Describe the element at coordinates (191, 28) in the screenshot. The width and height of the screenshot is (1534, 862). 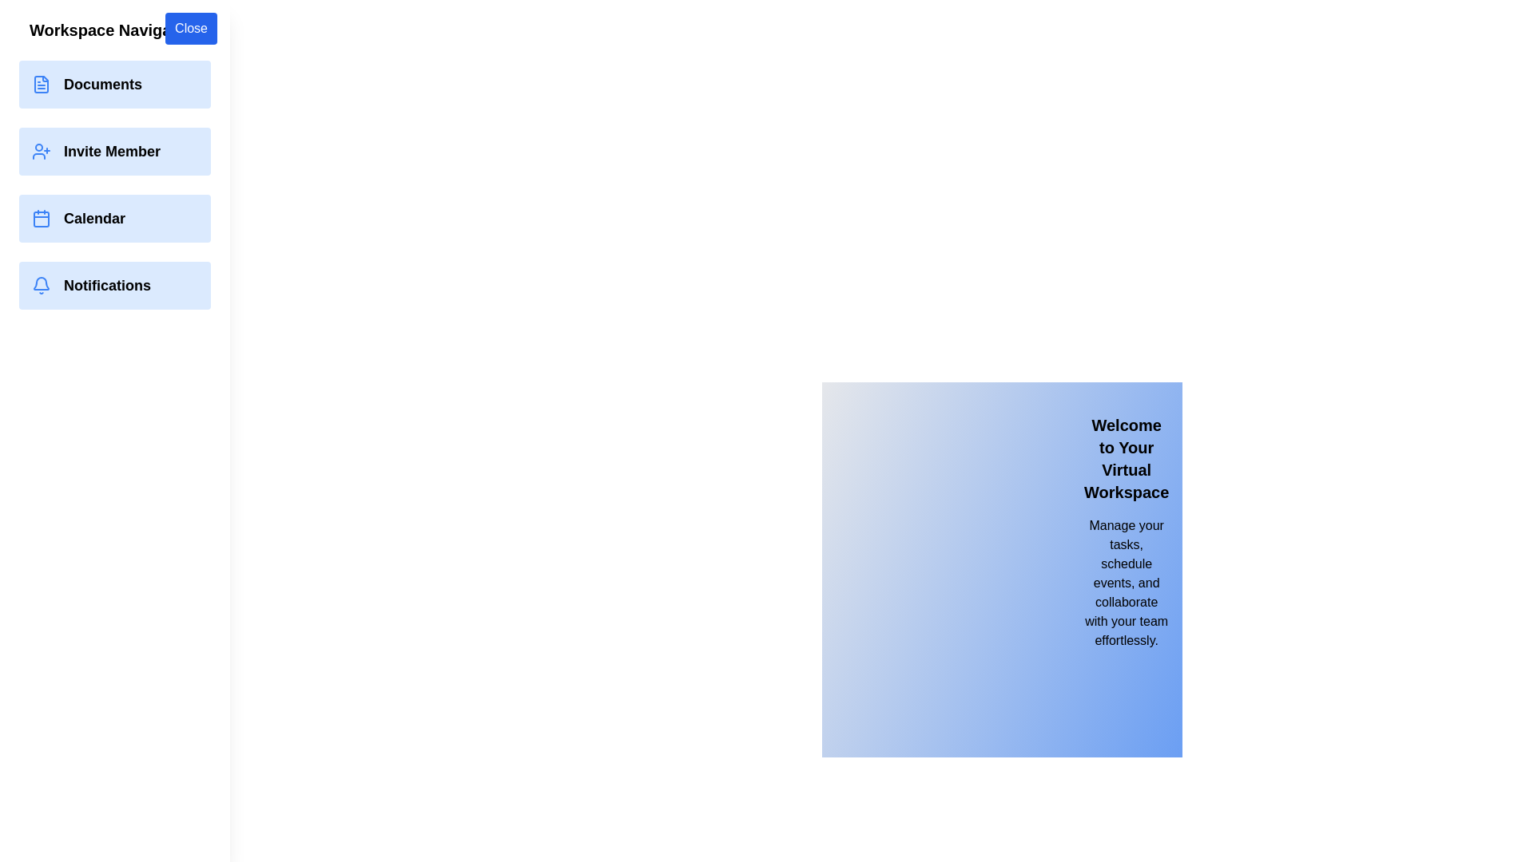
I see `the 'Close' button to toggle the visibility of the WorkspaceDrawer` at that location.